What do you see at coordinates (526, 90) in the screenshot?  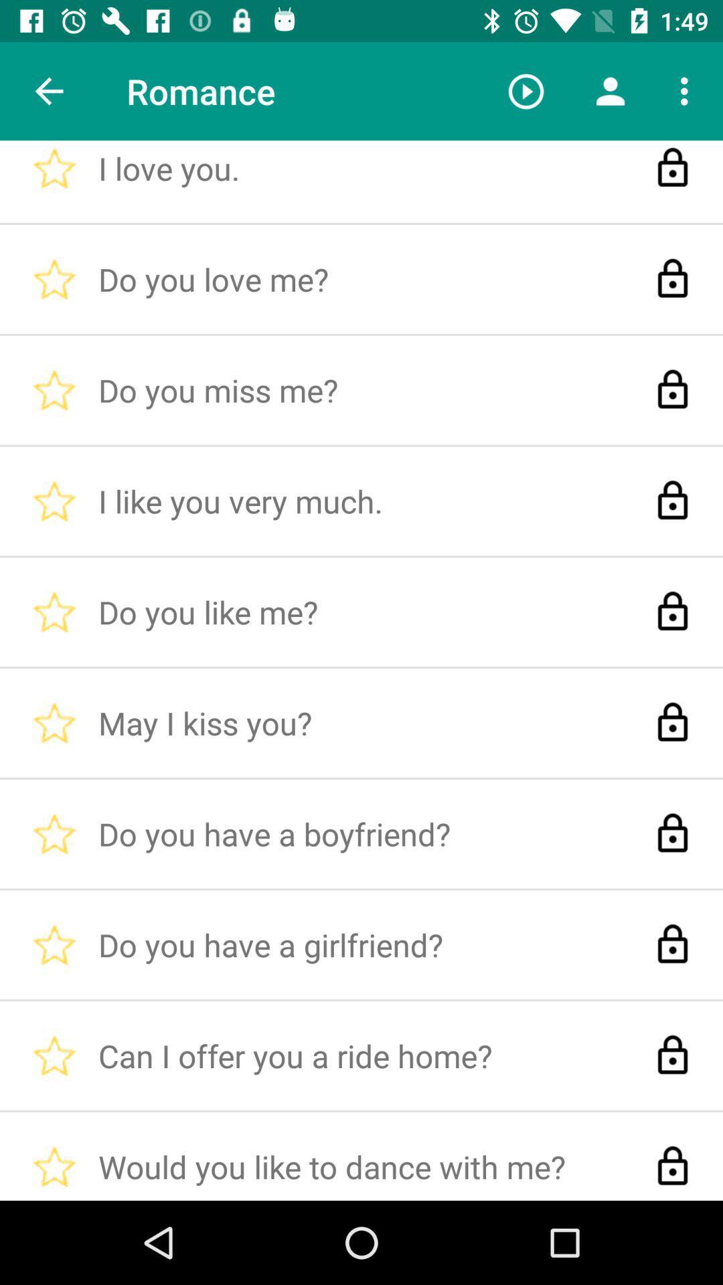 I see `icon next to the romance` at bounding box center [526, 90].